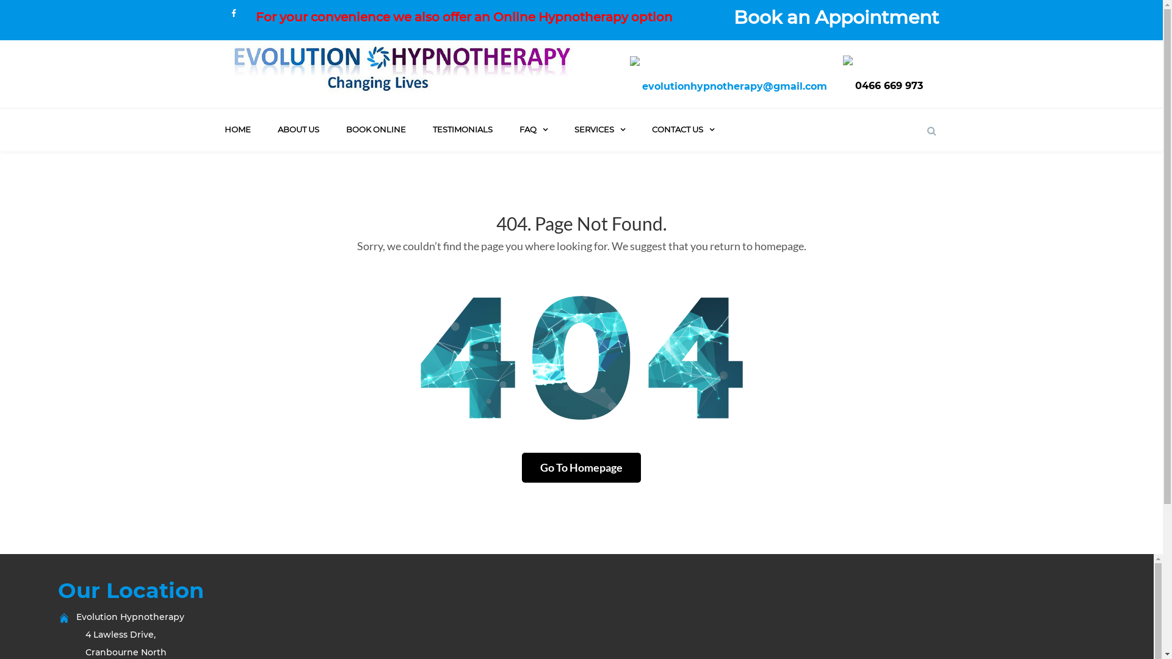 Image resolution: width=1172 pixels, height=659 pixels. Describe the element at coordinates (581, 467) in the screenshot. I see `'Go To Homepage'` at that location.